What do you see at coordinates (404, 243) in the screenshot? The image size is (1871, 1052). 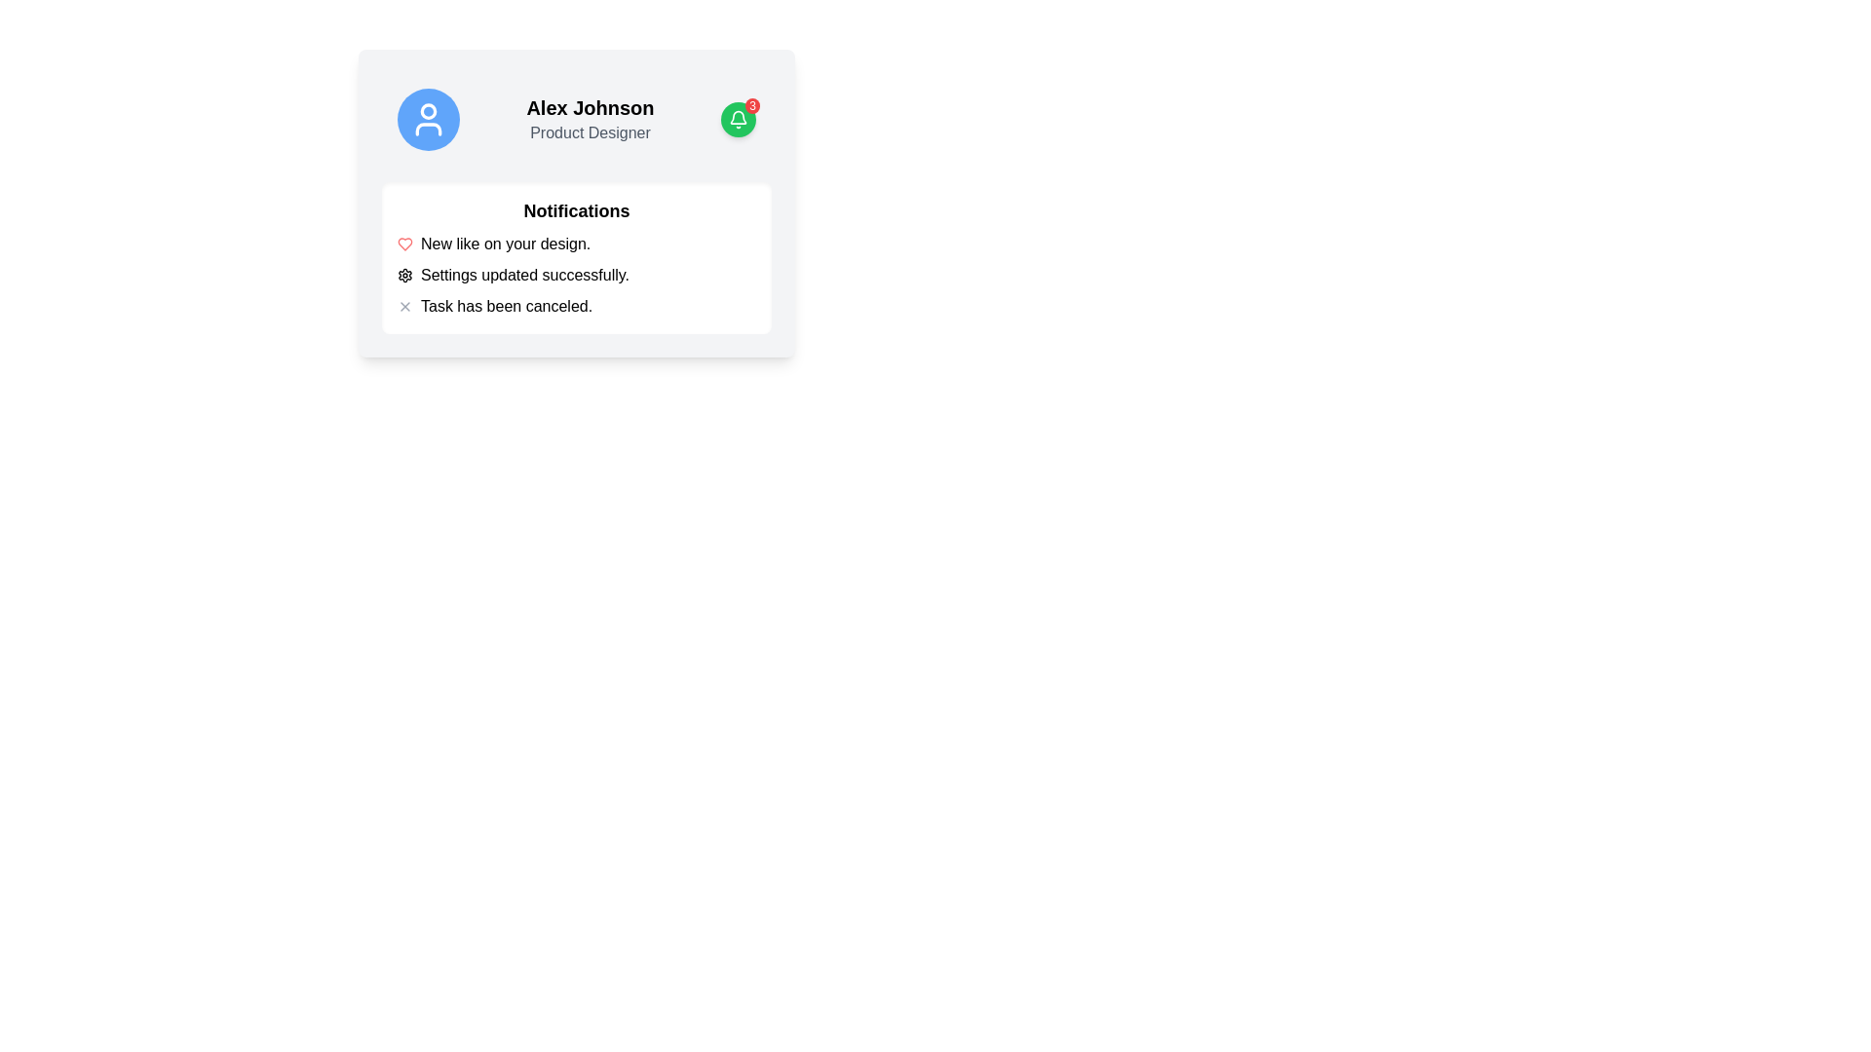 I see `the heart-shaped 'like' icon located to the left of the text 'New like on your design' in the notification section` at bounding box center [404, 243].